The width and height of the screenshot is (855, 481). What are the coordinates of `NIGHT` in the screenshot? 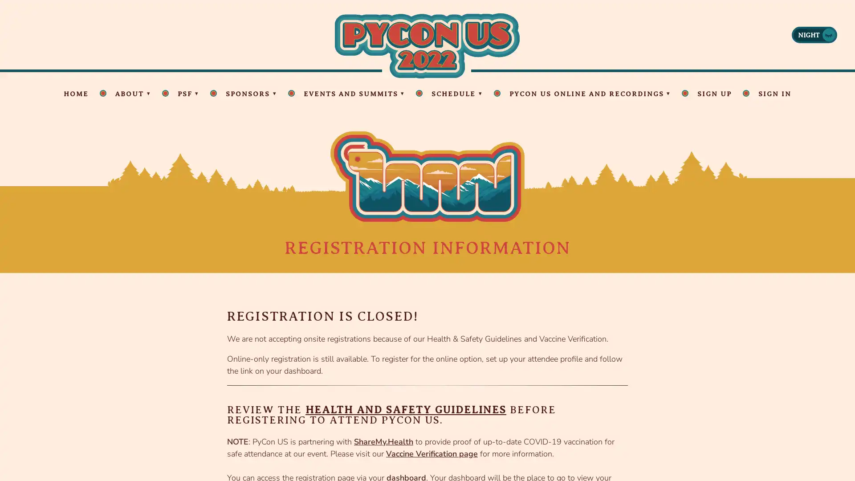 It's located at (814, 34).